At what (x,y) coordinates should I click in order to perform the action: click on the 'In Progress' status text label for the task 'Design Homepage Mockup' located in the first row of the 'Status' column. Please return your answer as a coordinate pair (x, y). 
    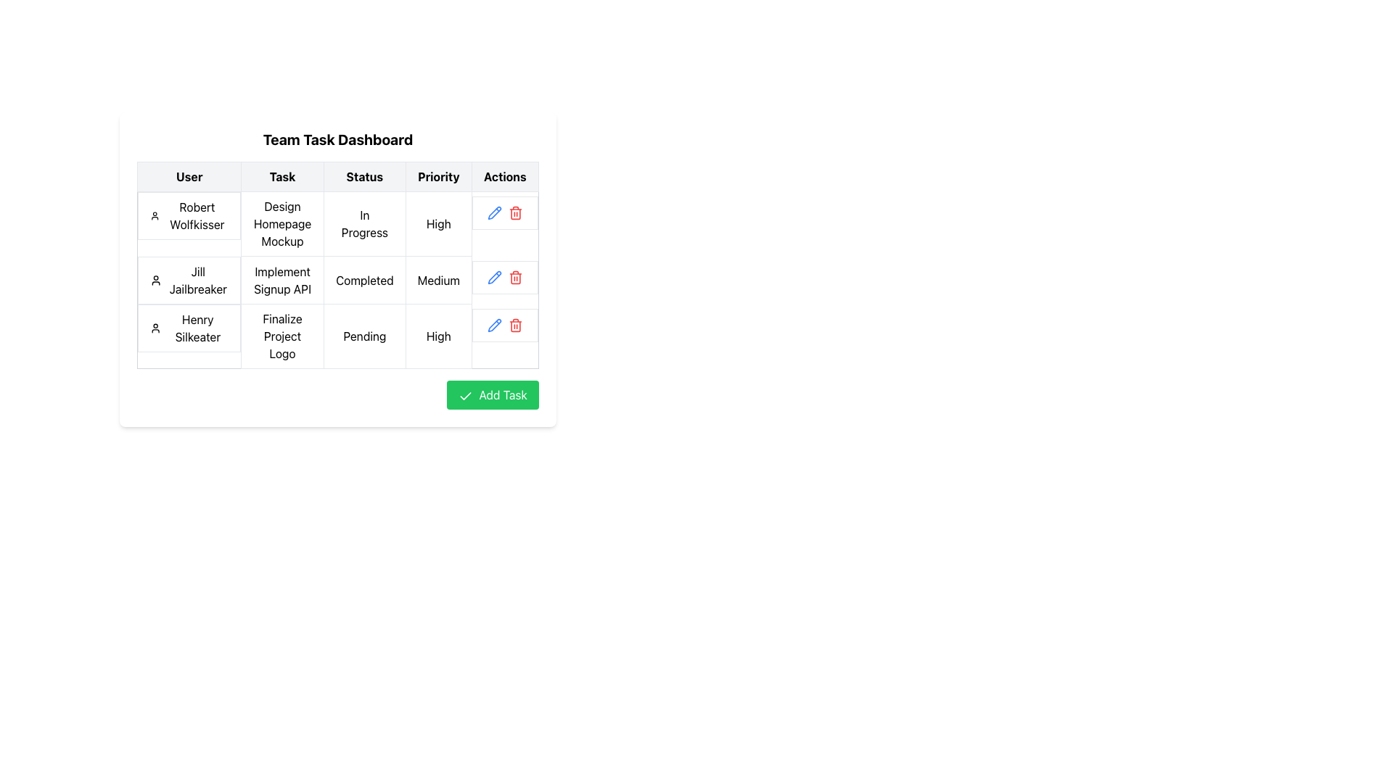
    Looking at the image, I should click on (364, 223).